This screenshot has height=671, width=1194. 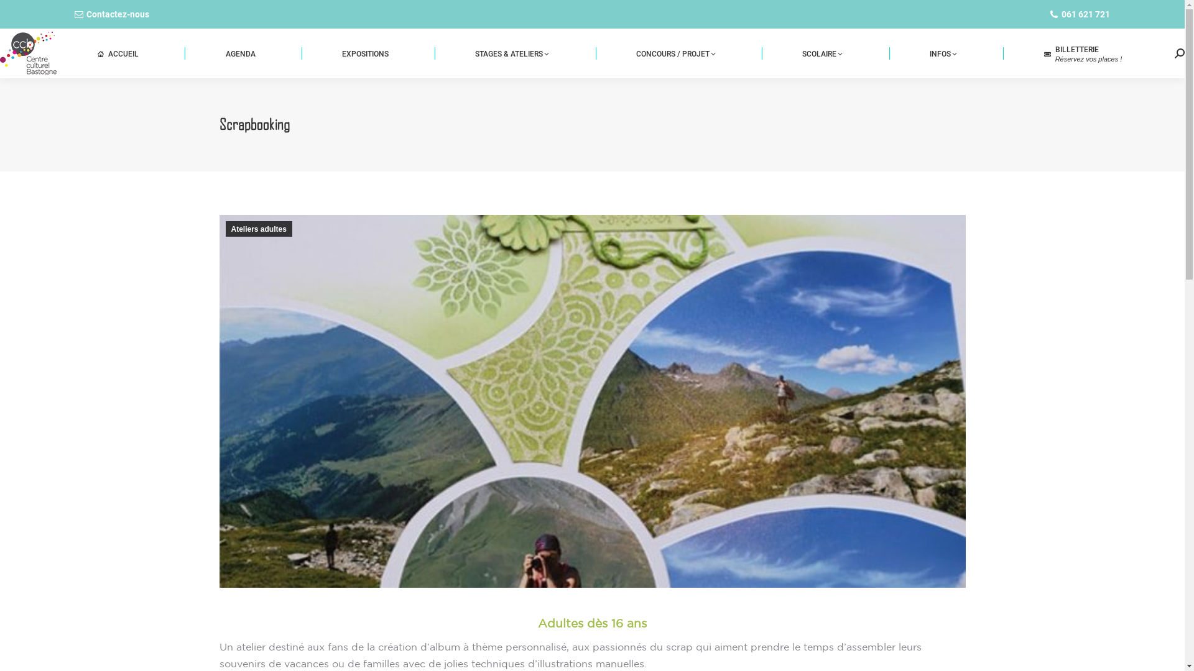 I want to click on 'SCOLAIRE', so click(x=823, y=52).